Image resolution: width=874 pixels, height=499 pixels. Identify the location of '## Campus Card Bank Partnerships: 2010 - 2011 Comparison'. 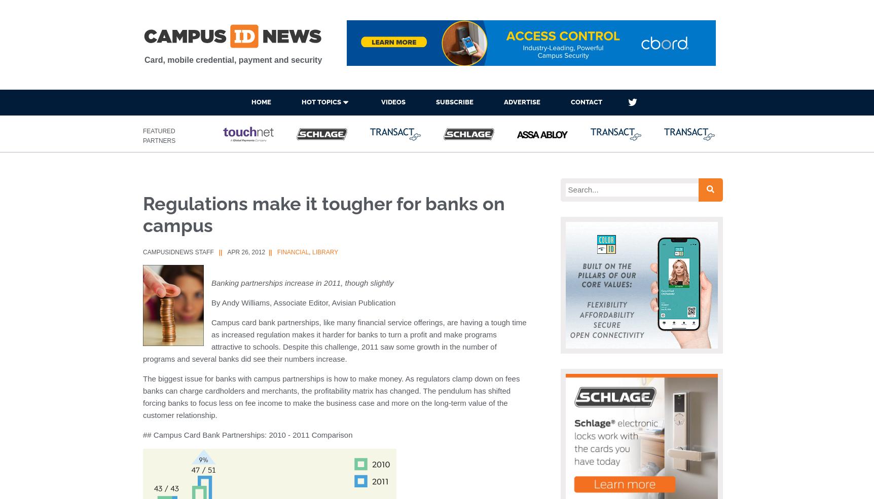
(247, 434).